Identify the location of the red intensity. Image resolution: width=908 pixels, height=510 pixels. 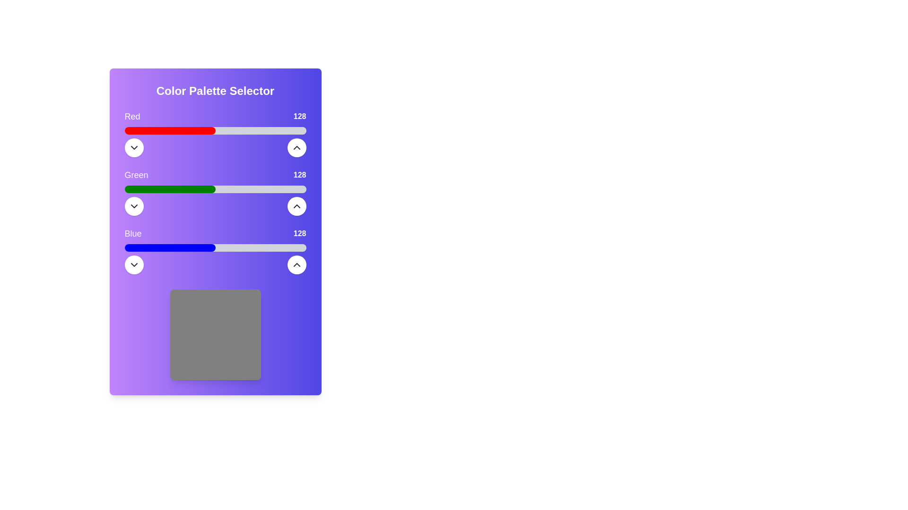
(226, 131).